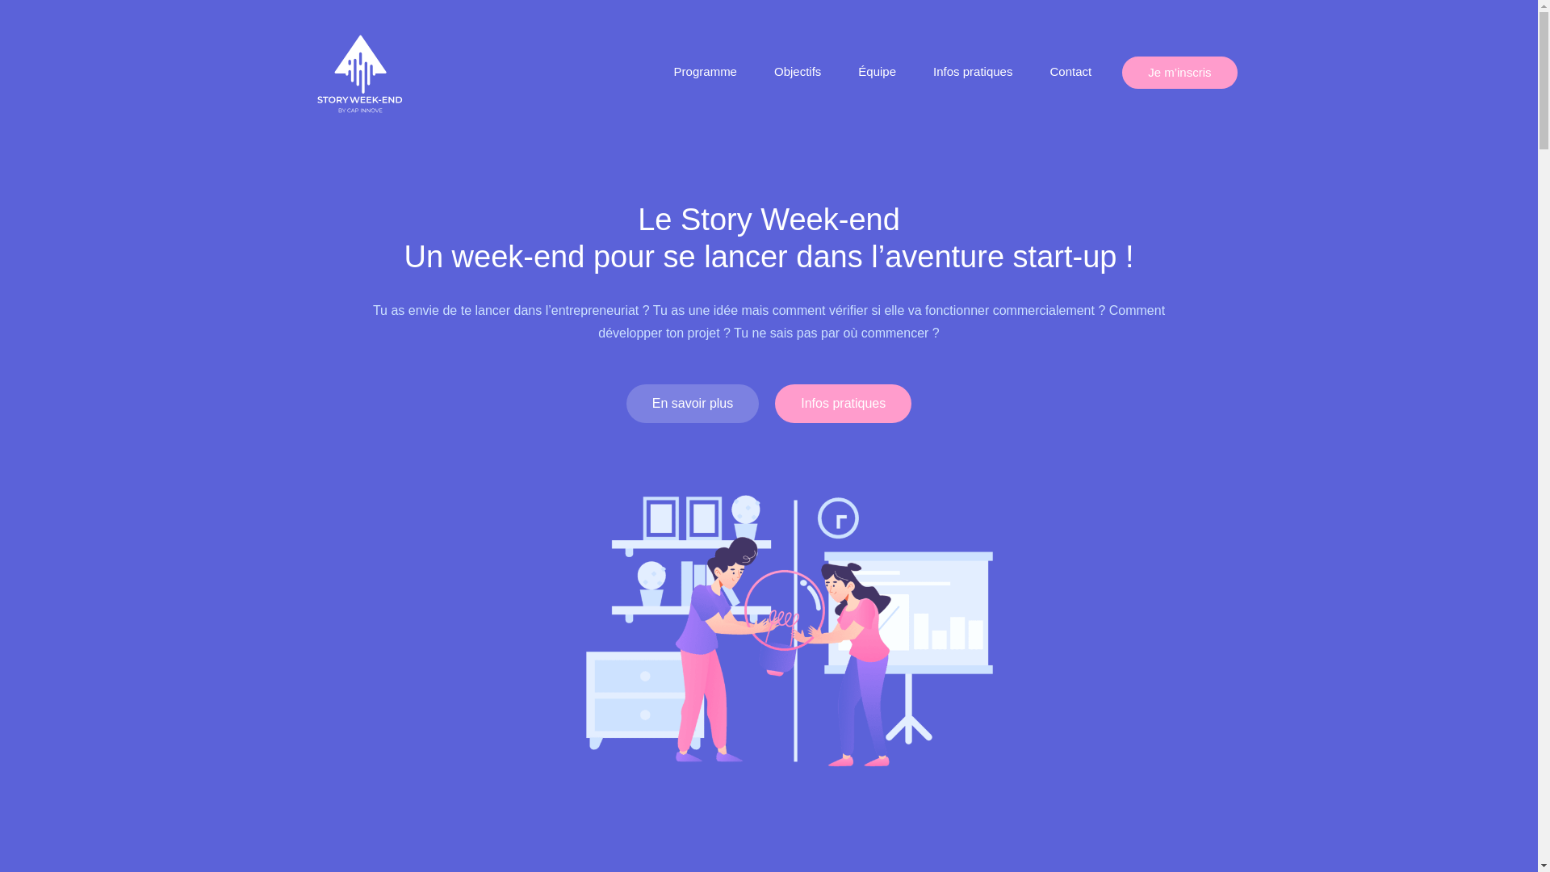 The height and width of the screenshot is (872, 1550). What do you see at coordinates (971, 71) in the screenshot?
I see `'Infos pratiques'` at bounding box center [971, 71].